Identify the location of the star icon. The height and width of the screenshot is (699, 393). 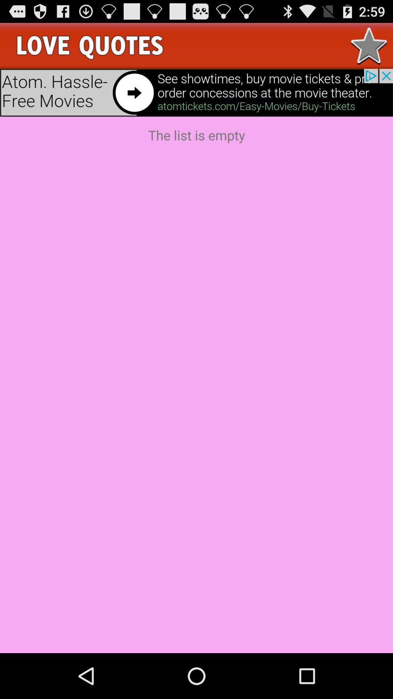
(369, 48).